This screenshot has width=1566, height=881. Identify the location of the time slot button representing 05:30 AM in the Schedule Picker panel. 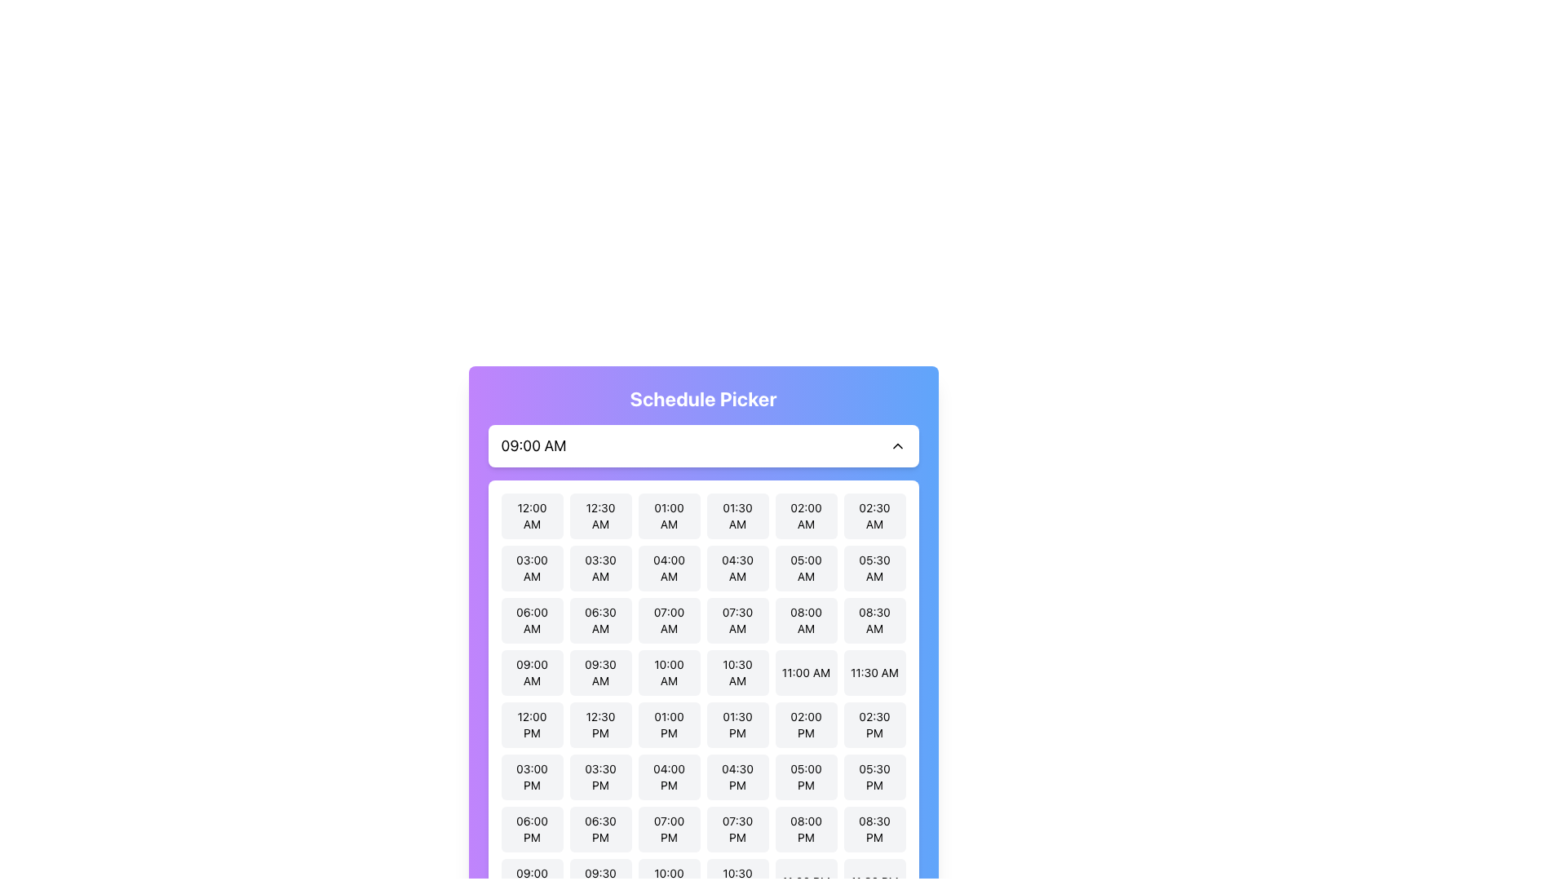
(874, 568).